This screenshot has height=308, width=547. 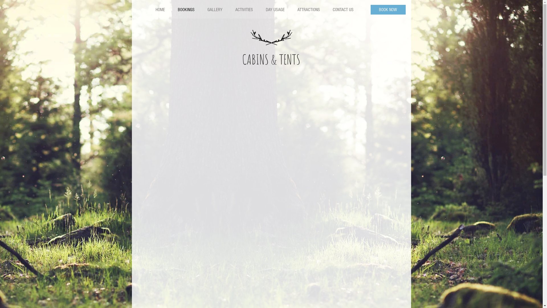 What do you see at coordinates (308, 10) in the screenshot?
I see `'ATTRACTIONS'` at bounding box center [308, 10].